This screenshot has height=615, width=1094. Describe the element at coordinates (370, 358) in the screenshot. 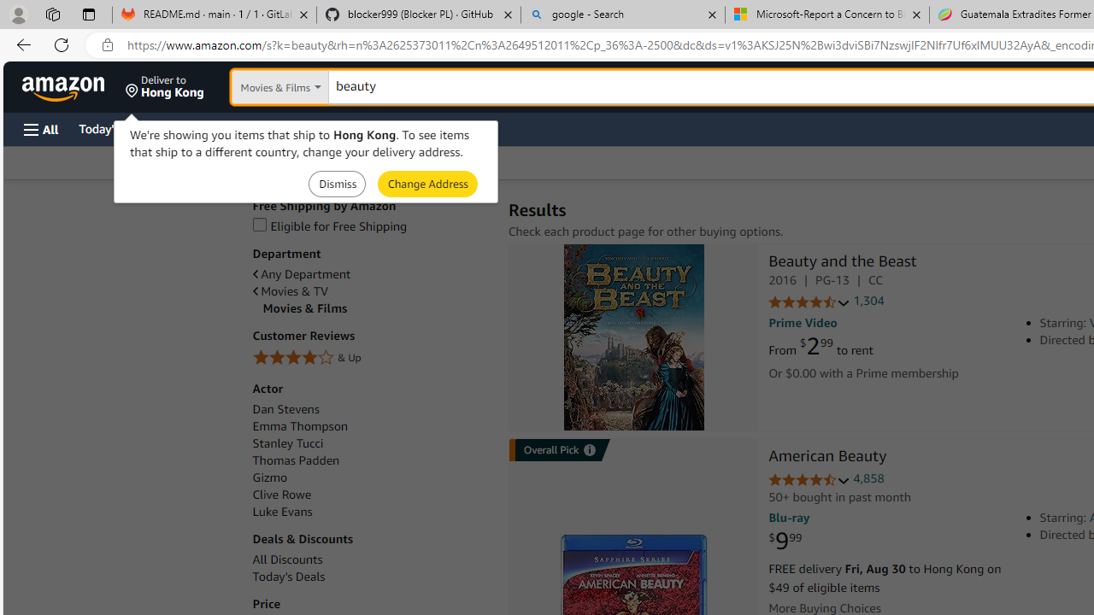

I see `'4 Stars & Up& Up'` at that location.